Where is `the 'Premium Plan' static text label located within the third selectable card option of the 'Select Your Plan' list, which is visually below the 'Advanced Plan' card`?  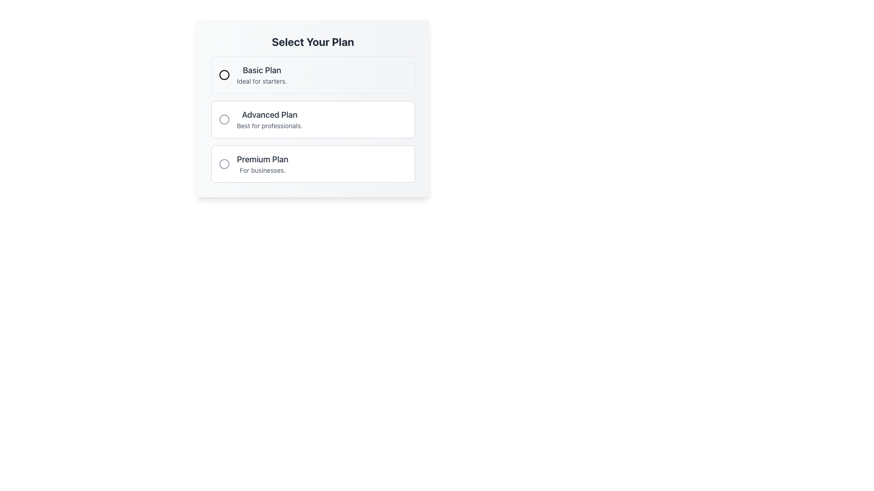
the 'Premium Plan' static text label located within the third selectable card option of the 'Select Your Plan' list, which is visually below the 'Advanced Plan' card is located at coordinates (262, 164).